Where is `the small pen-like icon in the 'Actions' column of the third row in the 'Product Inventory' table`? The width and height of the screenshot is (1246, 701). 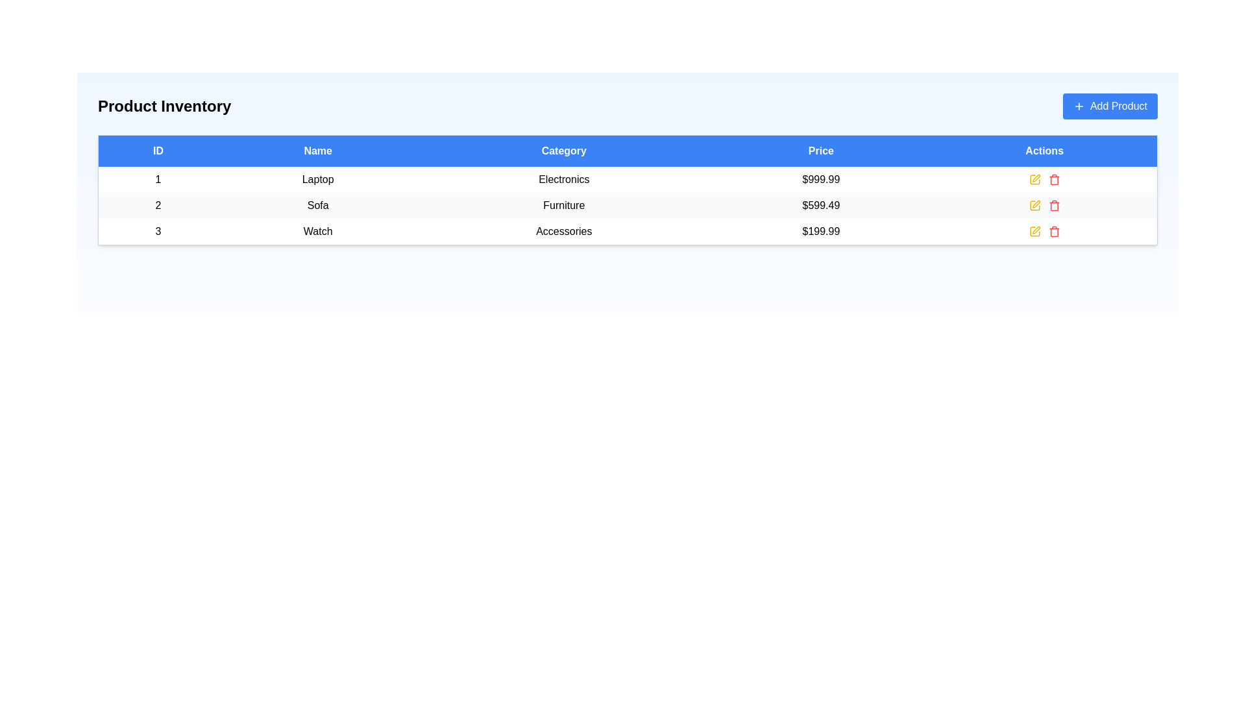
the small pen-like icon in the 'Actions' column of the third row in the 'Product Inventory' table is located at coordinates (1035, 229).